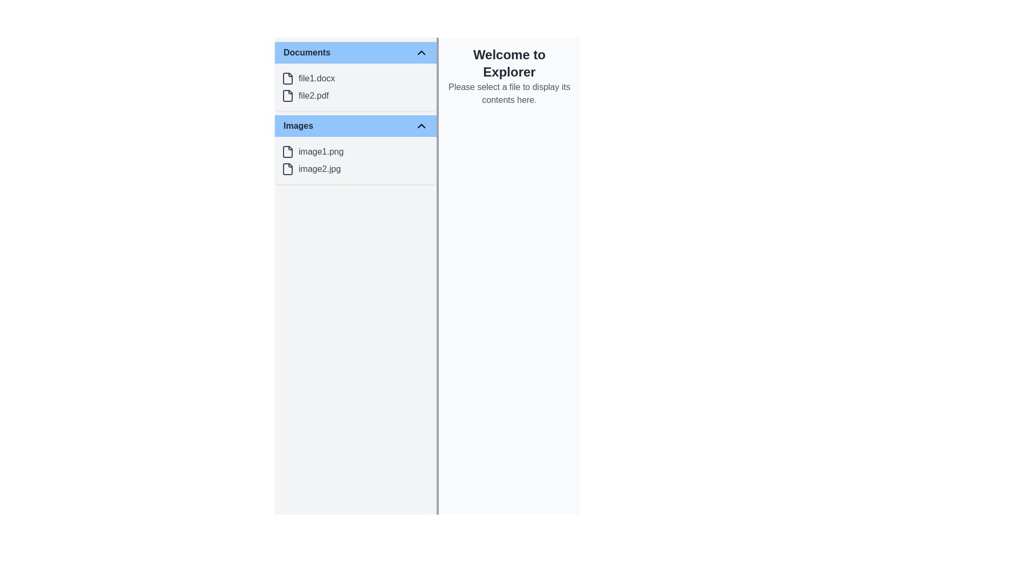  What do you see at coordinates (356, 126) in the screenshot?
I see `the 'Images' collapsible header bar for navigation` at bounding box center [356, 126].